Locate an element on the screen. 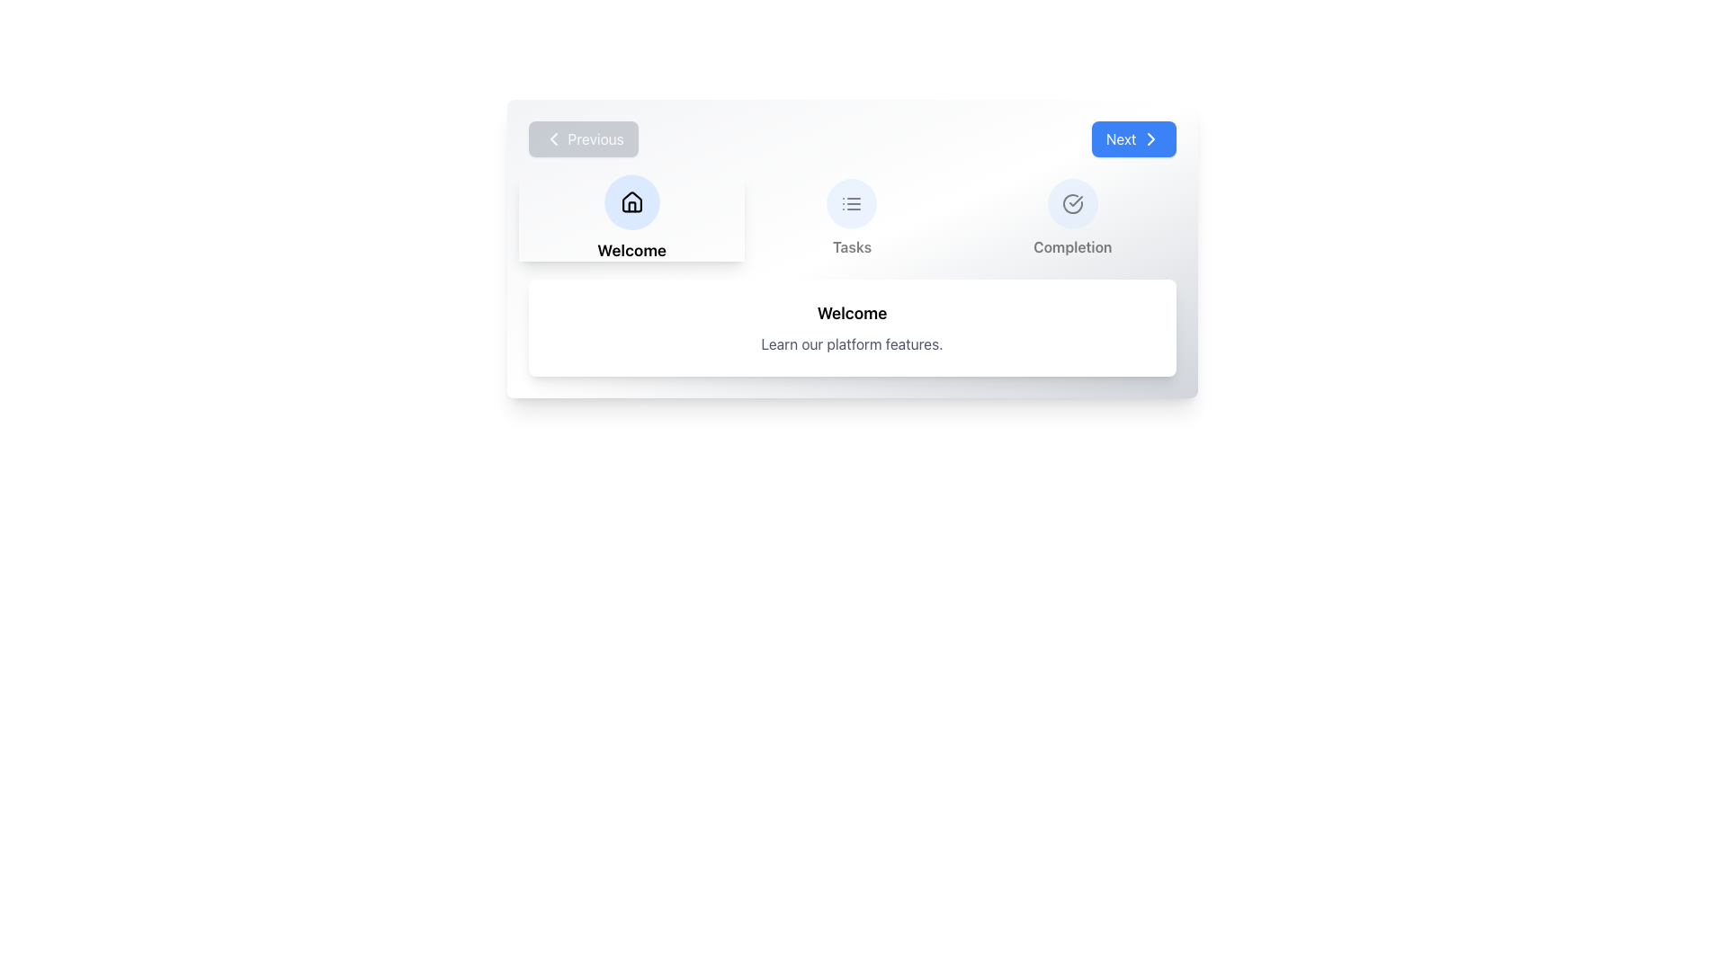 Image resolution: width=1727 pixels, height=971 pixels. text label that contains 'Completion', positioned beneath the checkmark icon in the navigation row is located at coordinates (1072, 246).